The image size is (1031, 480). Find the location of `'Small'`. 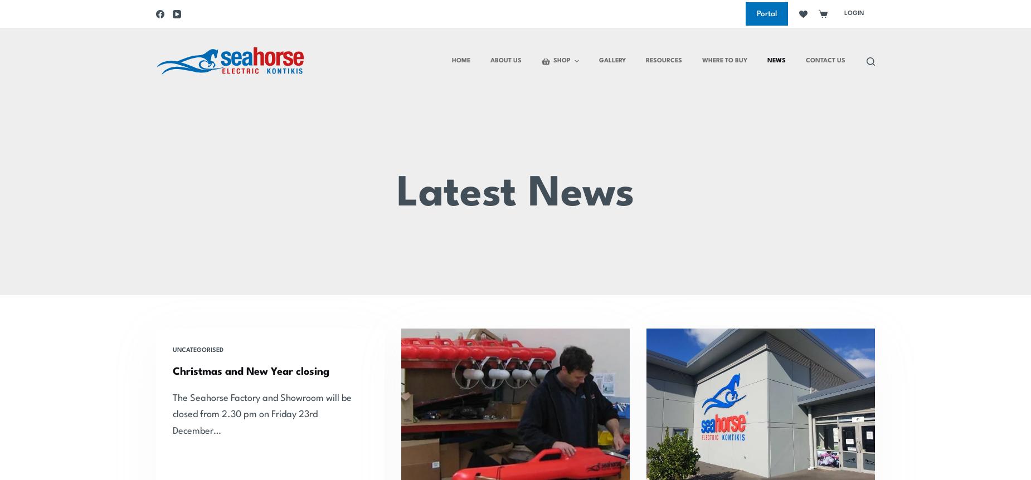

'Small' is located at coordinates (361, 6).